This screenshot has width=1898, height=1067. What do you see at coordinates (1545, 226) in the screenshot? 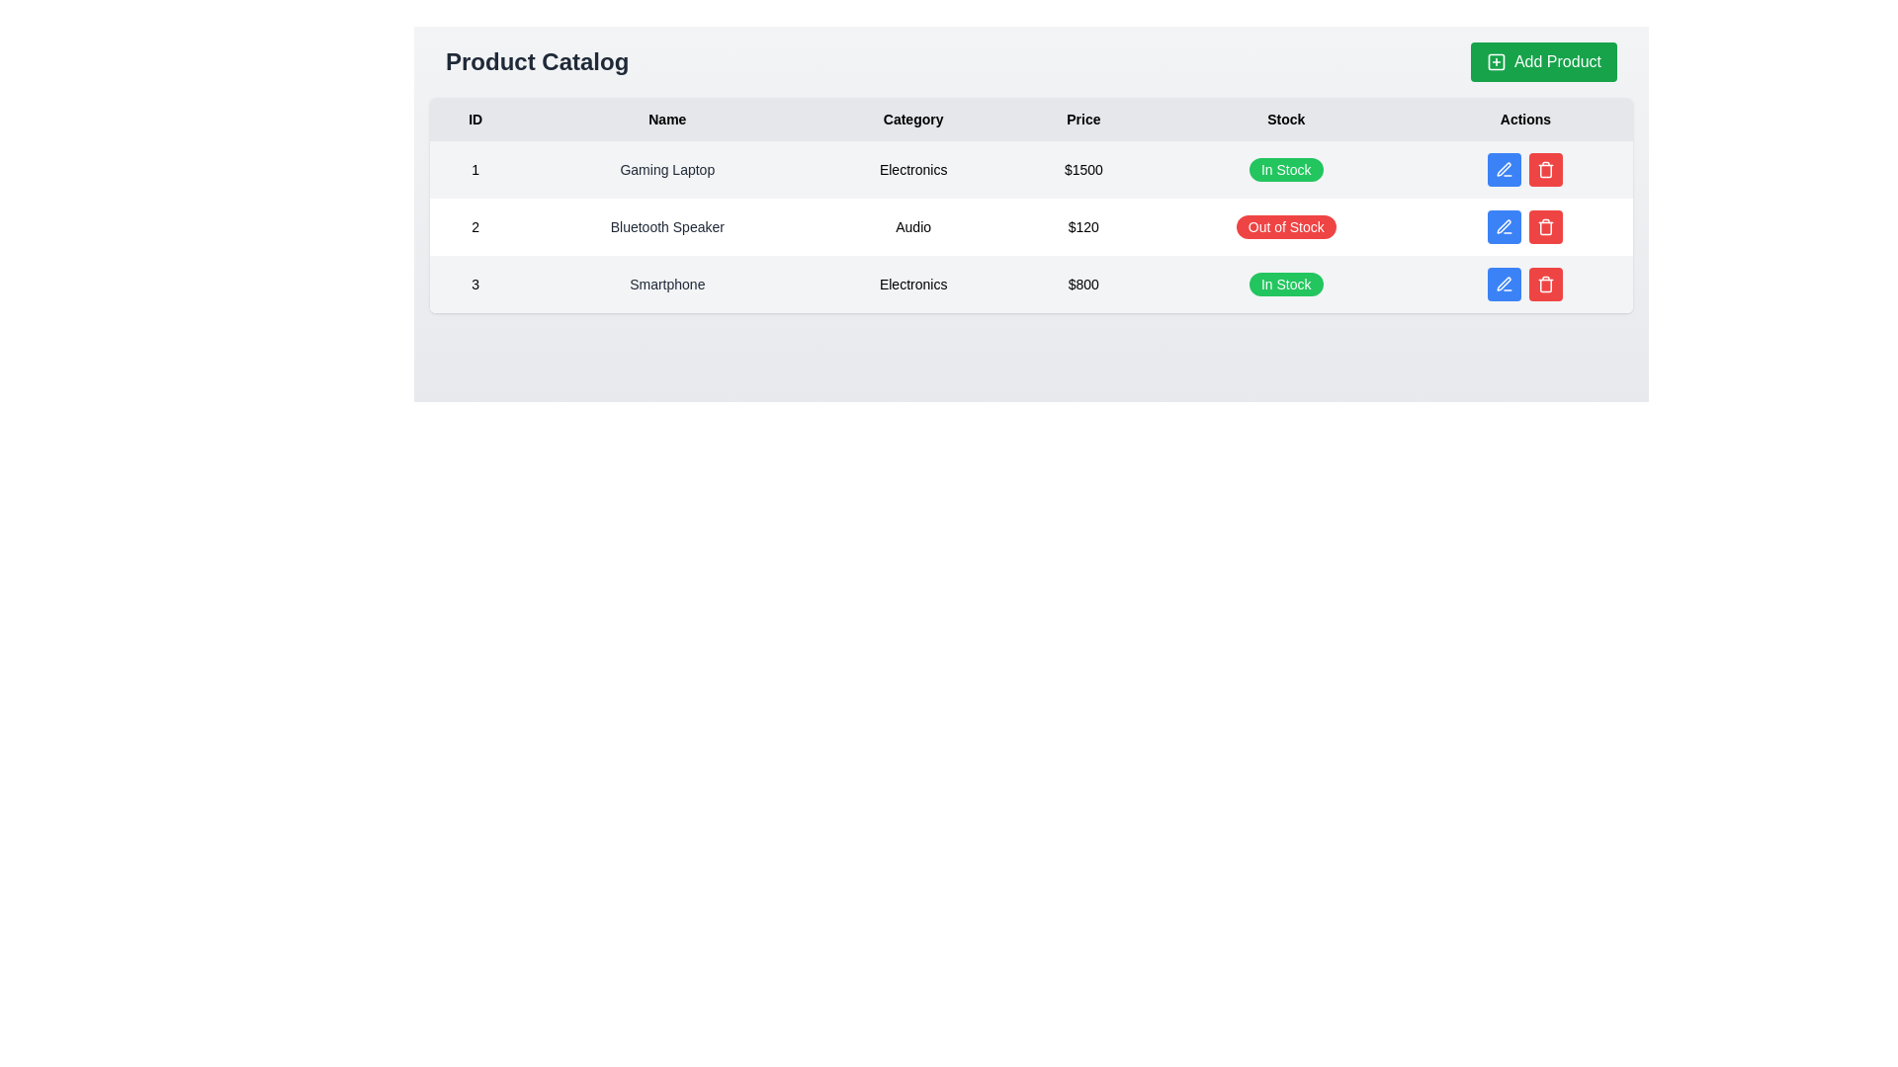
I see `the delete button in the 'Actions' column of the table for the 'Bluetooth Speaker' product` at bounding box center [1545, 226].